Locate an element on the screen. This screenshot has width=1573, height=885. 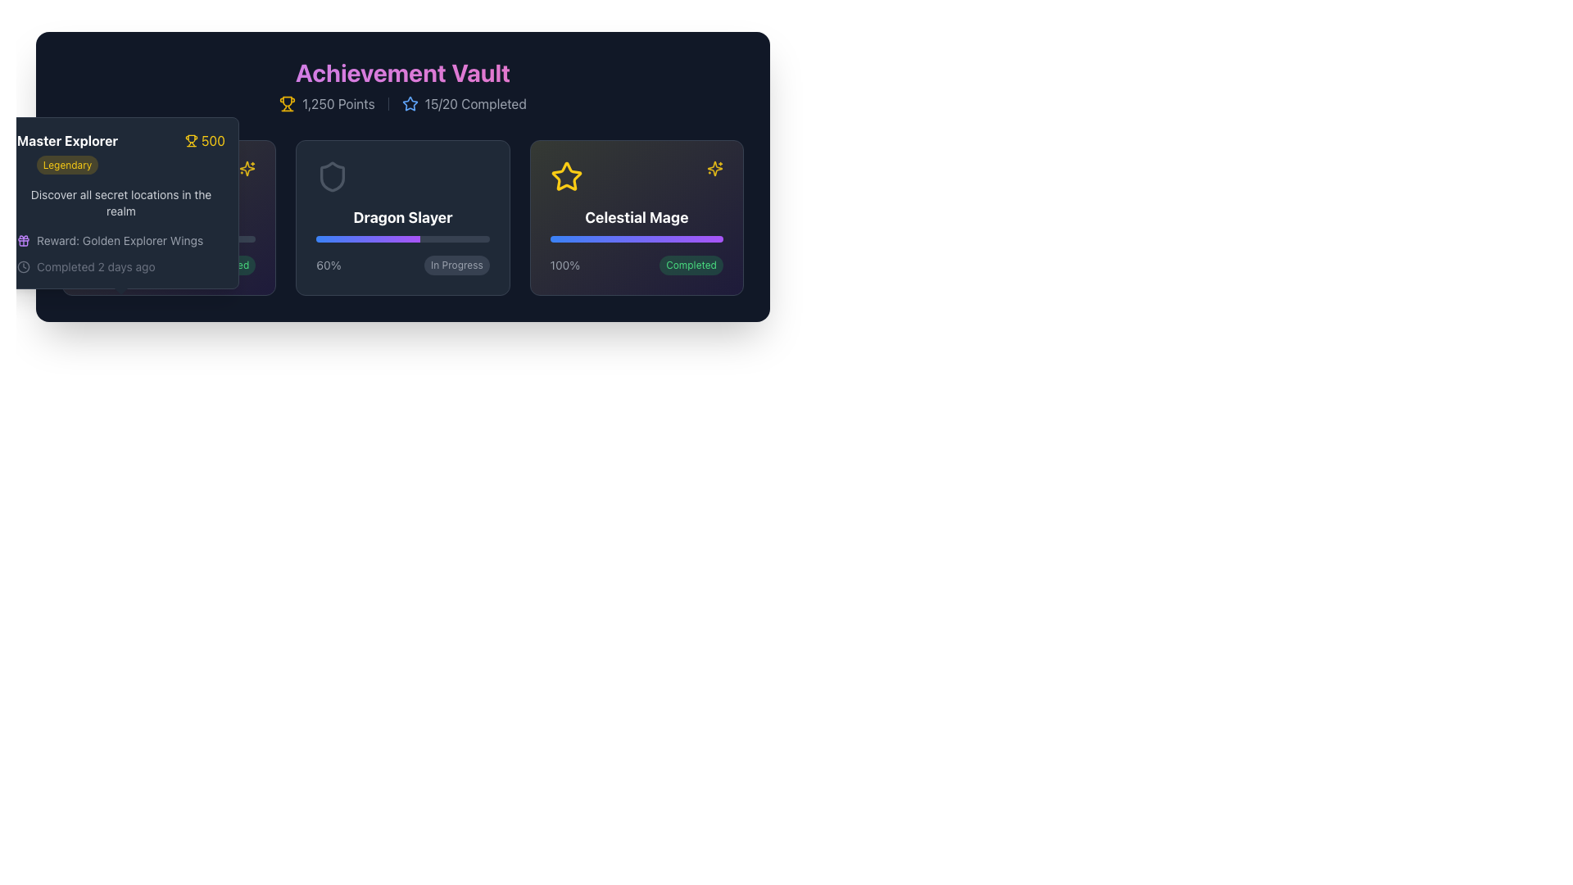
the 'Celestial Mage' card element, which features a dark gradient background, a yellow star icon on the top left, a title in bold white text, and a progress bar labeled 'Completed' is located at coordinates (636, 217).